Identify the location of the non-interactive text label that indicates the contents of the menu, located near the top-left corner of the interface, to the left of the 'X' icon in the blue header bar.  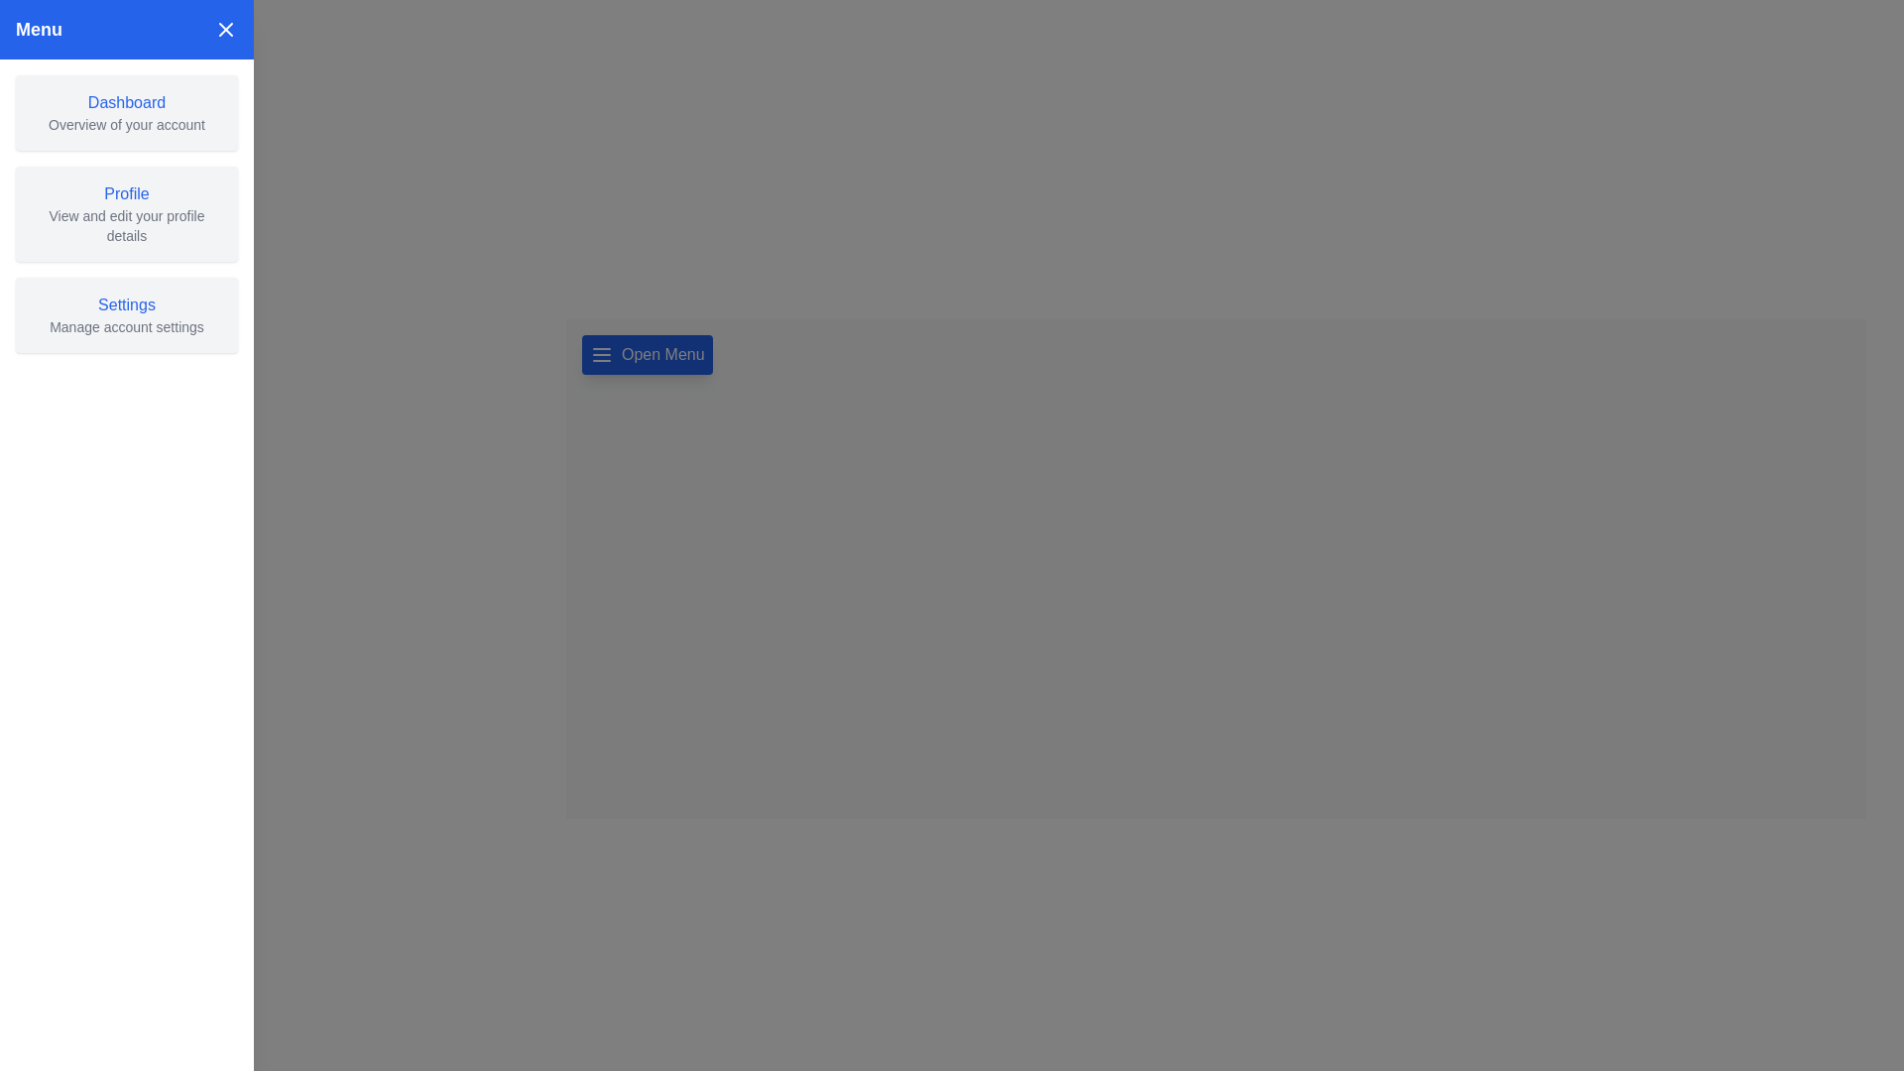
(39, 30).